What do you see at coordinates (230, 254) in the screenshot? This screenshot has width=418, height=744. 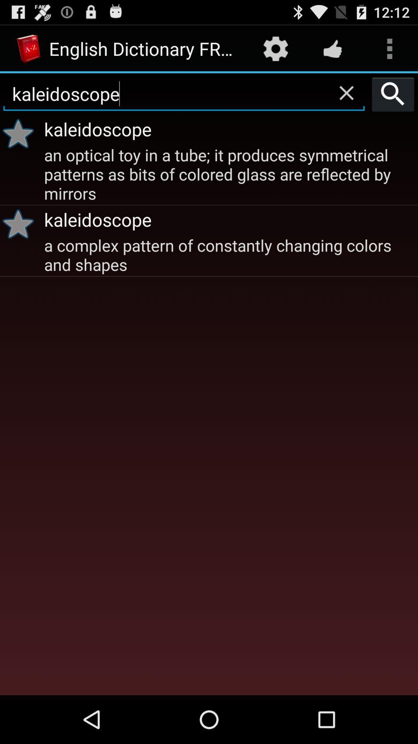 I see `the a complex pattern` at bounding box center [230, 254].